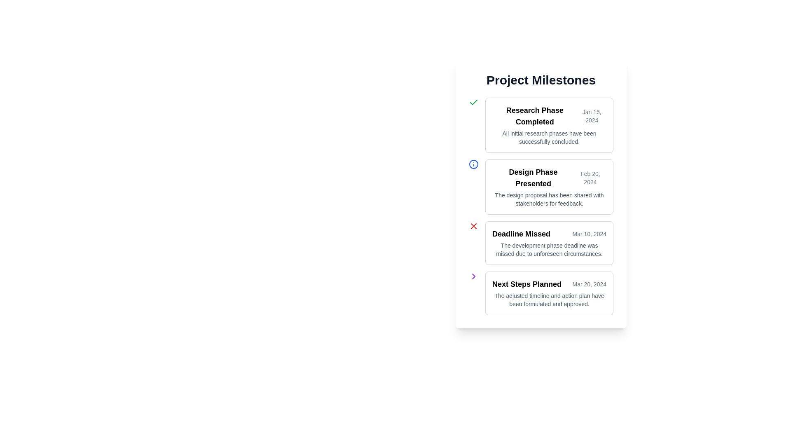 The width and height of the screenshot is (791, 445). Describe the element at coordinates (549, 300) in the screenshot. I see `the explanatory text label that provides details about the milestone 'Next Steps Planned,' located underneath the larger text block with the date 'Mar 20, 2024.'` at that location.